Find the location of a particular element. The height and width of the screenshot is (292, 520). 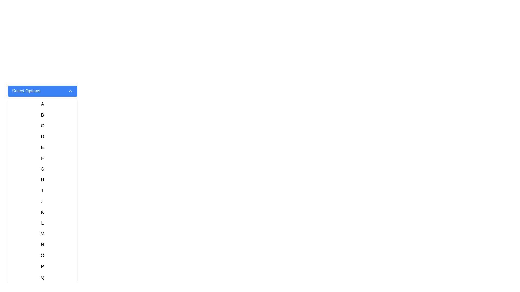

the dropdown menu item corresponding to the letter 'J', which is the 10th item in the list of alphabetical letters is located at coordinates (42, 201).